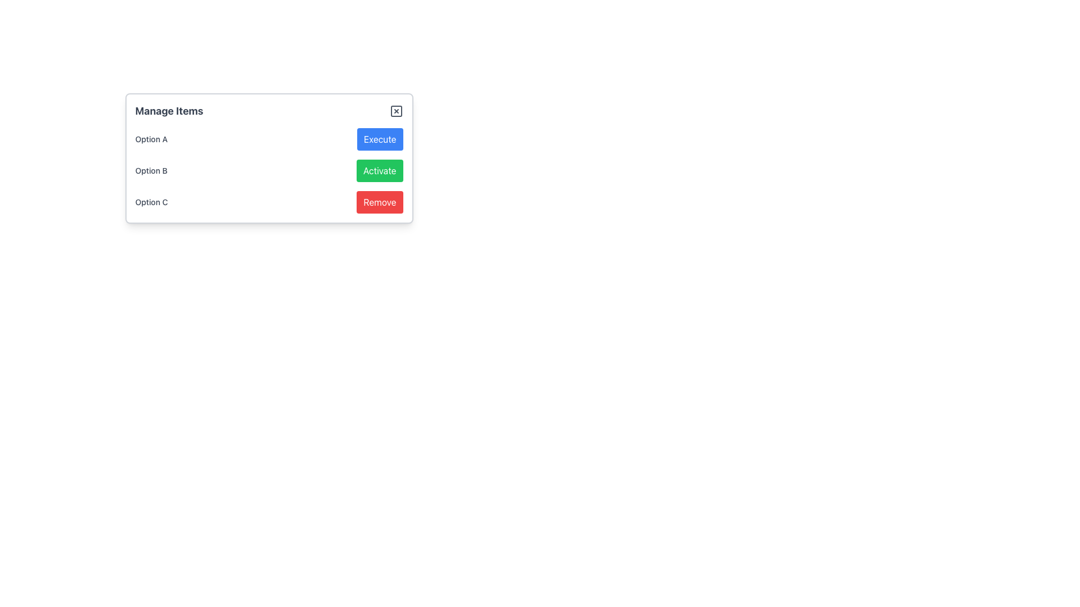 The height and width of the screenshot is (607, 1080). Describe the element at coordinates (151, 201) in the screenshot. I see `the text label displaying 'Option C', which is the third entry in the 'Manage Items' list, styled in gray and located below 'Option B'` at that location.